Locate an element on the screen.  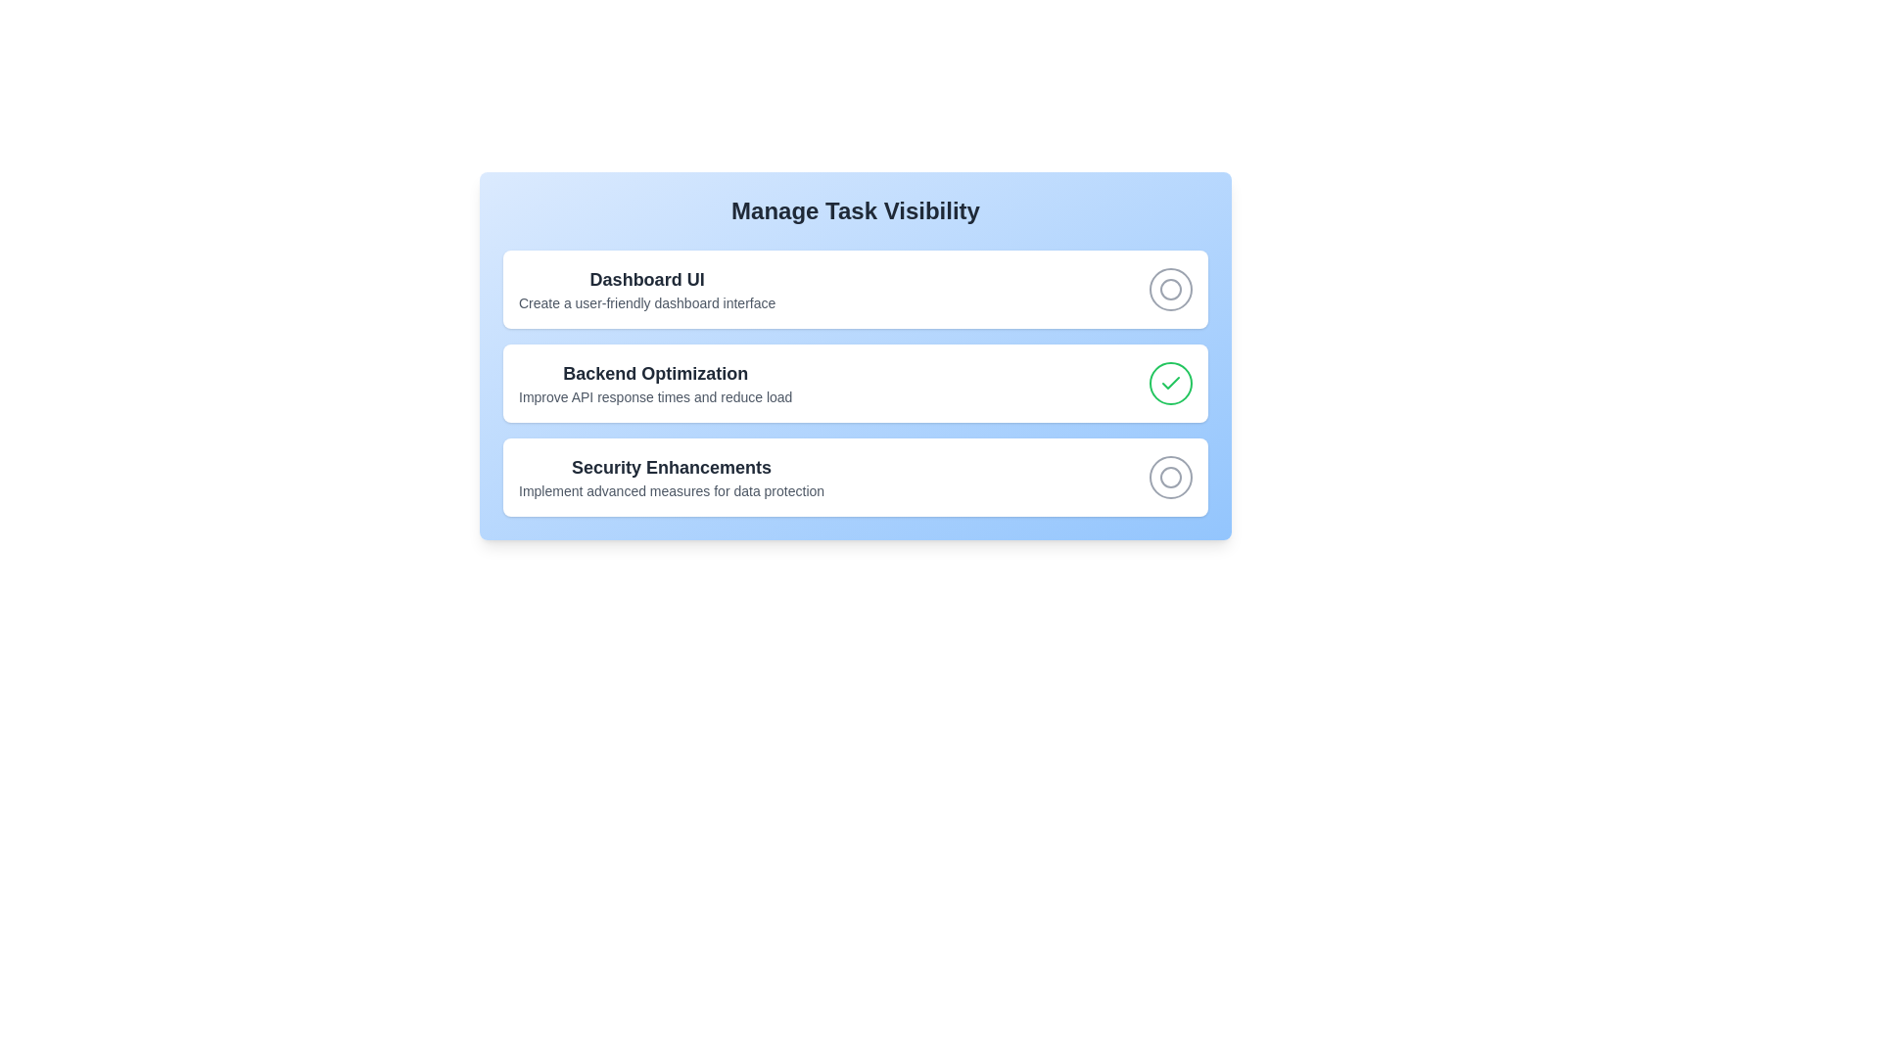
the checkmark icon indicating the completion status of the 'Backend Optimization' task is located at coordinates (1170, 384).